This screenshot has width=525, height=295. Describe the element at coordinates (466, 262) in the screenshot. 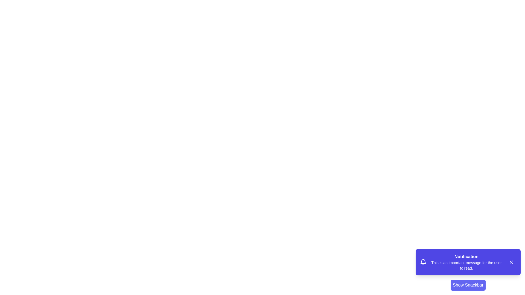

I see `the text label located in the bottom-right corner of the interface within the purple notification box, situated between the notification bell icon and the close button` at that location.